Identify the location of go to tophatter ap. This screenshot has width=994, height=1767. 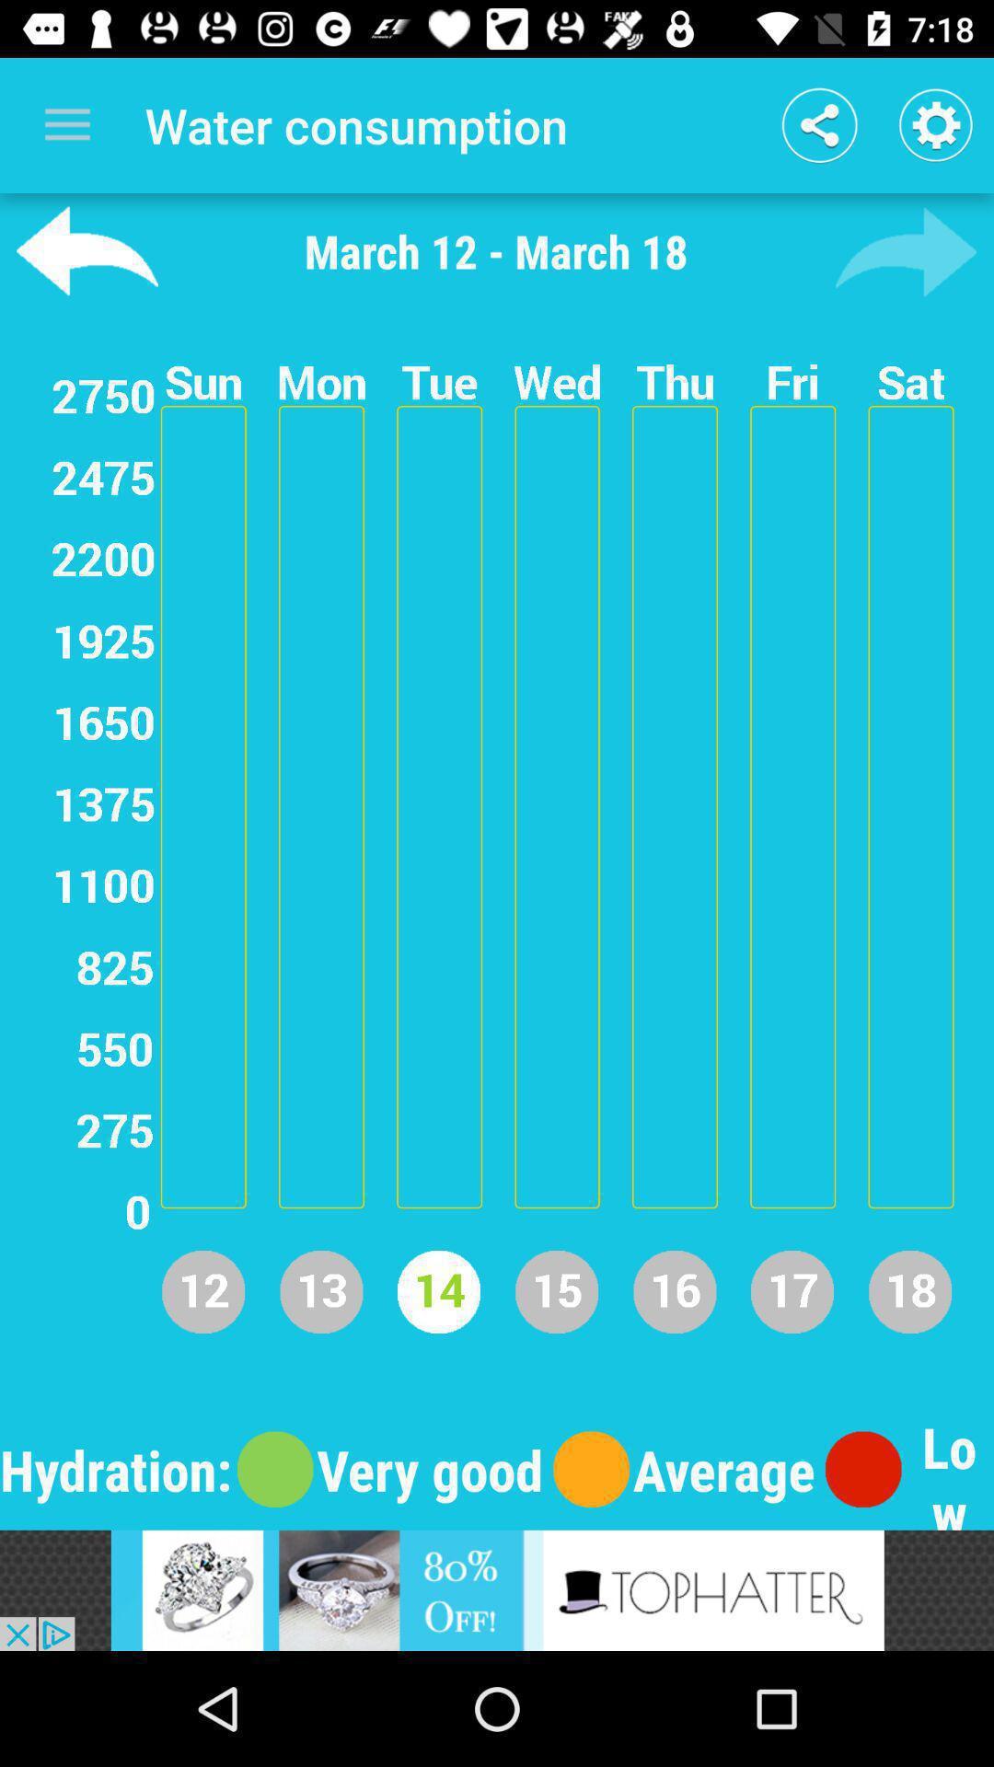
(497, 1589).